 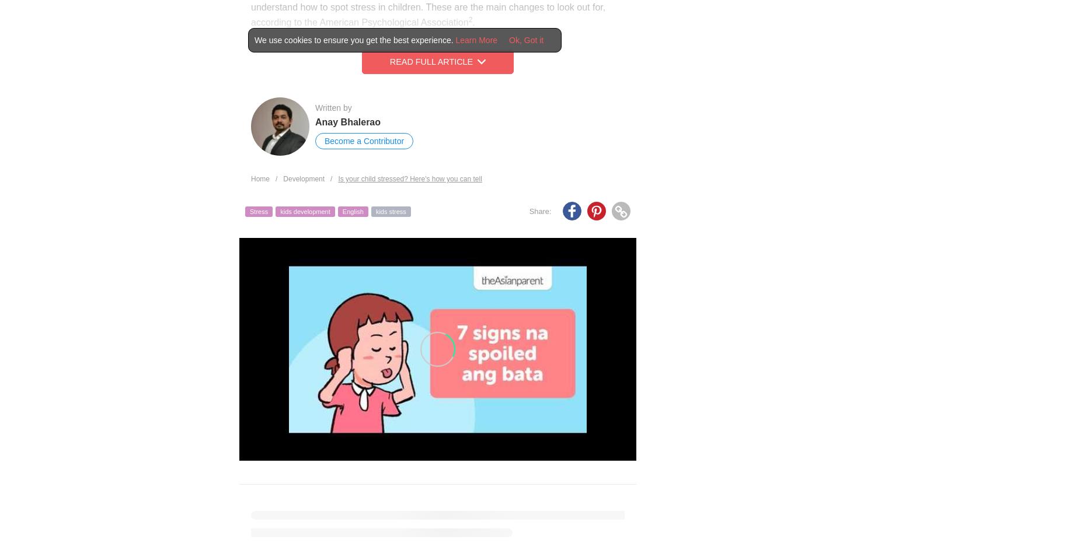 I want to click on ':', so click(x=548, y=210).